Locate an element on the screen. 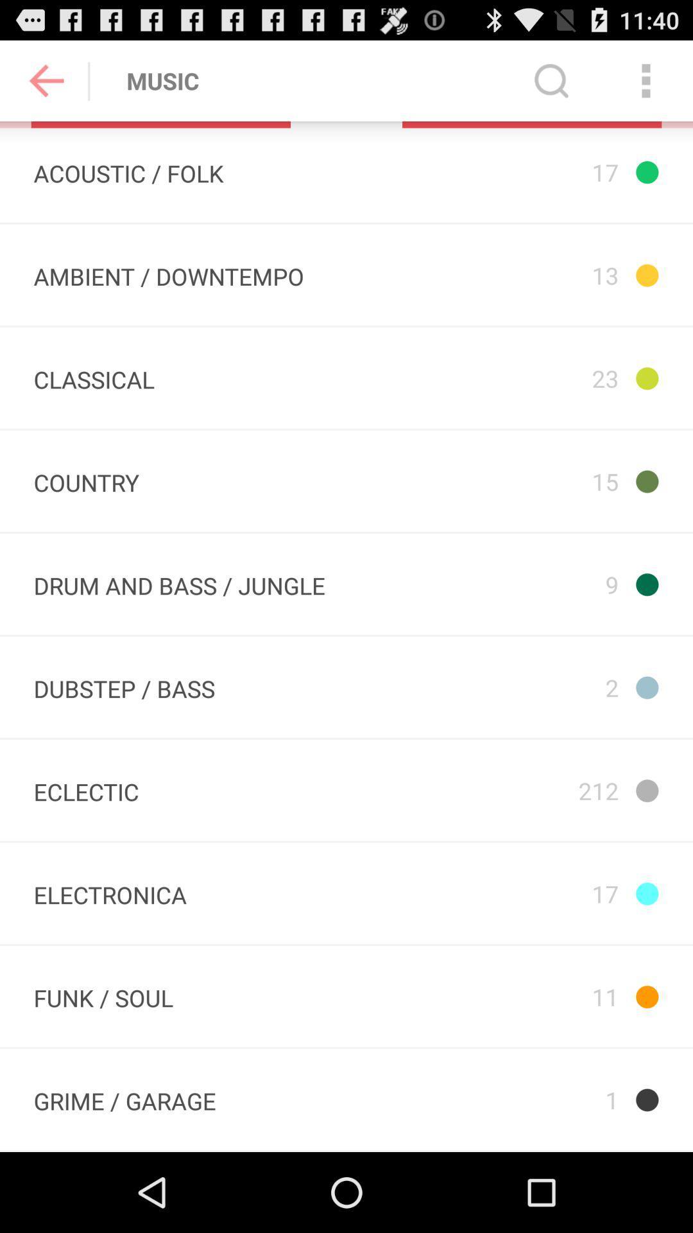 The height and width of the screenshot is (1233, 693). item below 11 icon is located at coordinates (531, 1099).